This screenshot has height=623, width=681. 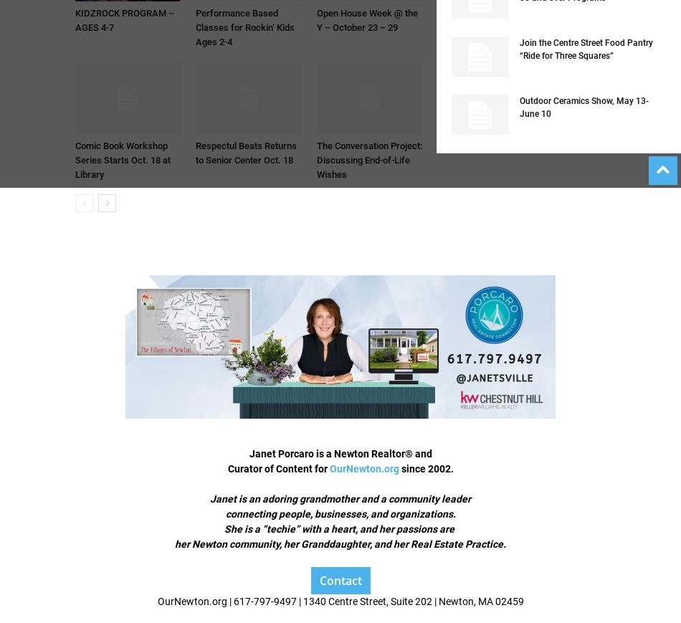 I want to click on 'KIDZROCK PROGRAM – AGES 4-7', so click(x=125, y=19).